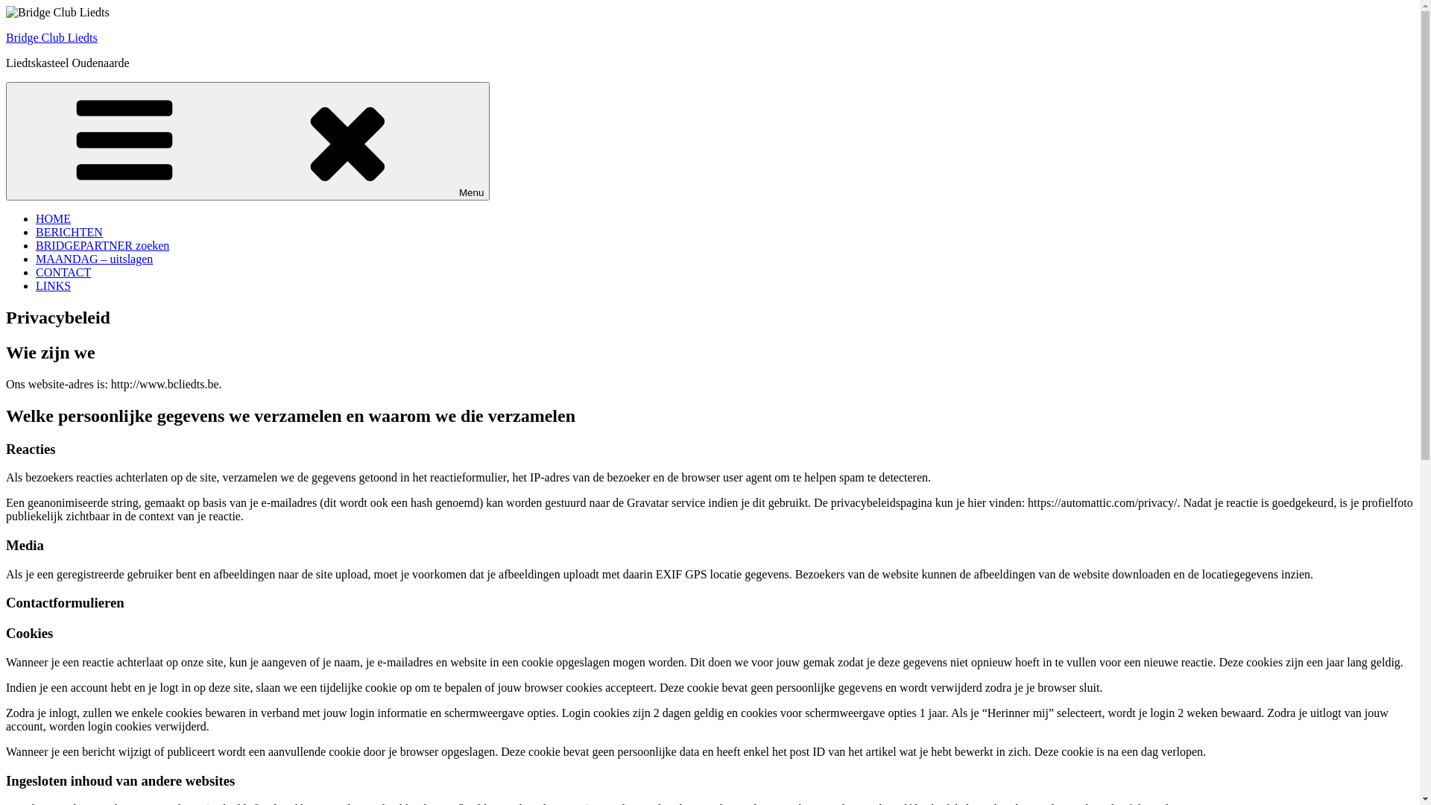 This screenshot has height=805, width=1431. What do you see at coordinates (51, 37) in the screenshot?
I see `'Bridge Club Liedts'` at bounding box center [51, 37].